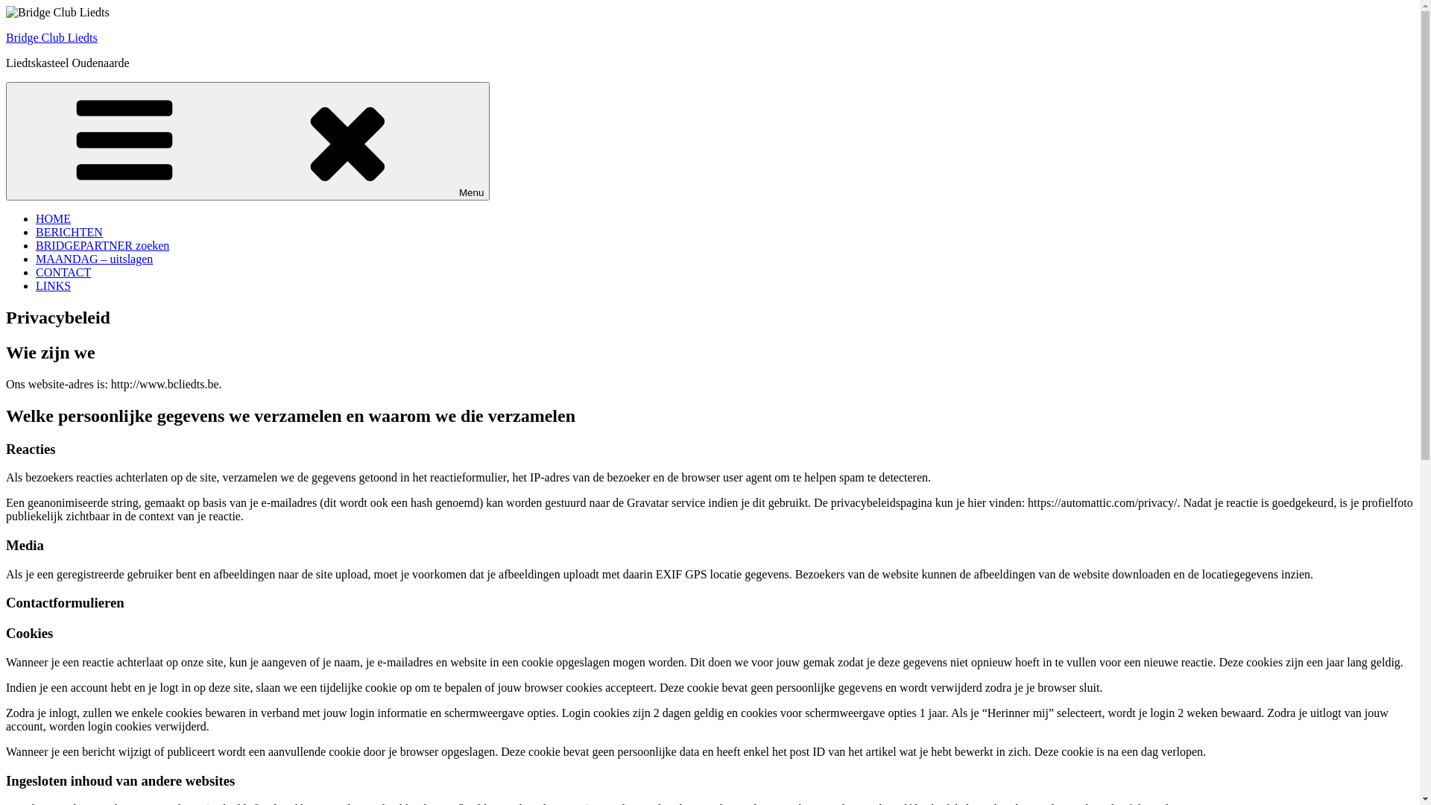 This screenshot has height=805, width=1431. What do you see at coordinates (51, 37) in the screenshot?
I see `'Bridge Club Liedts'` at bounding box center [51, 37].